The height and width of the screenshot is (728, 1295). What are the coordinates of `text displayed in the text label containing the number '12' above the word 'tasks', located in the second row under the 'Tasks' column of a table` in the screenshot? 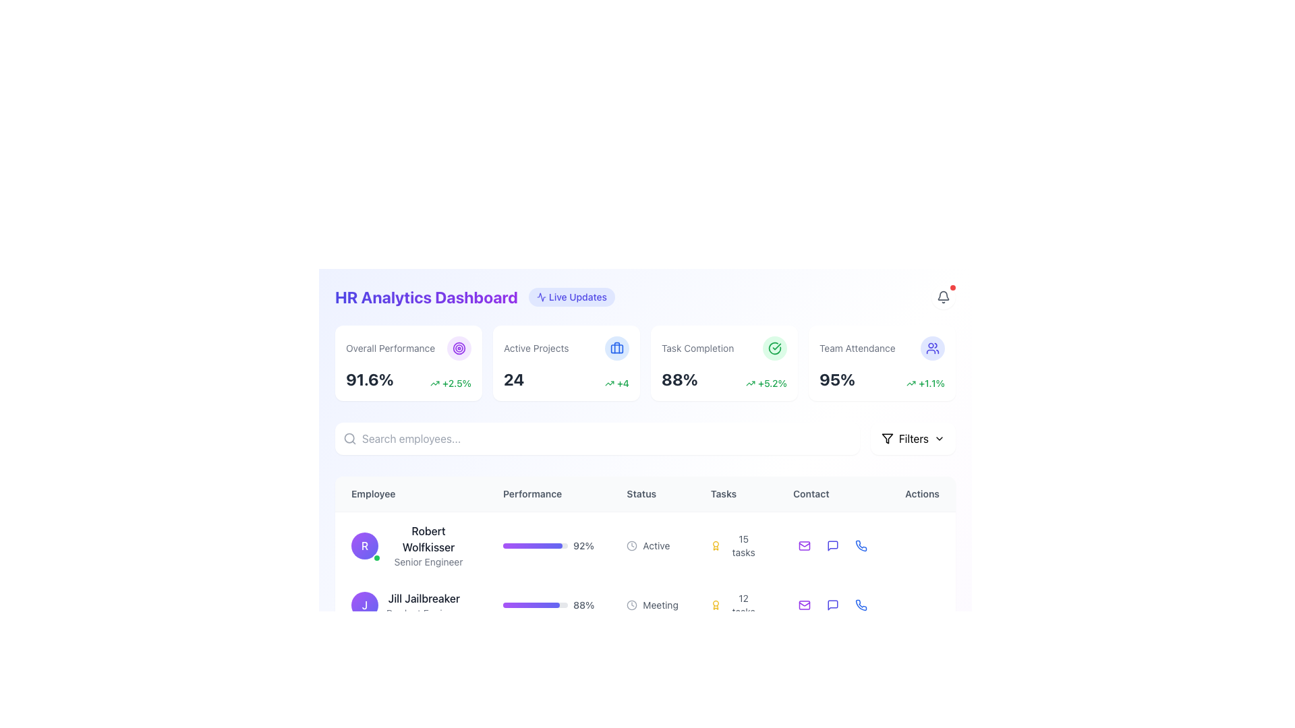 It's located at (743, 605).